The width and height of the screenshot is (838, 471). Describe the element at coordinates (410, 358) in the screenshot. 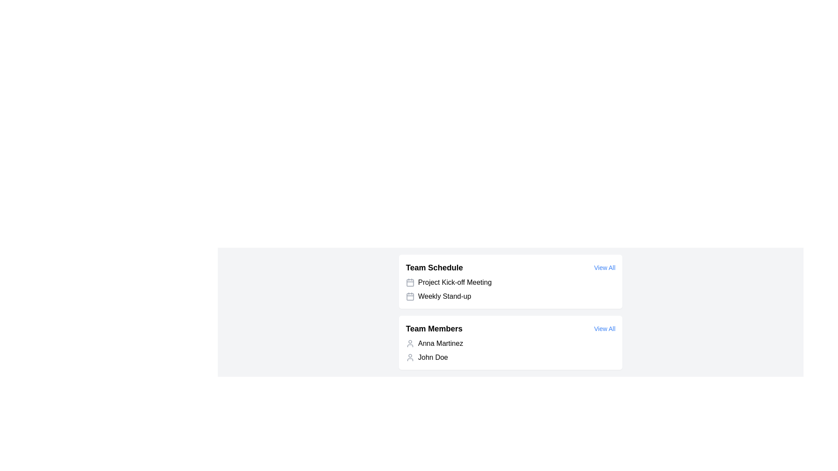

I see `the user icon representing 'John Doe' located to the immediate left of the text under the 'Team Members' section` at that location.